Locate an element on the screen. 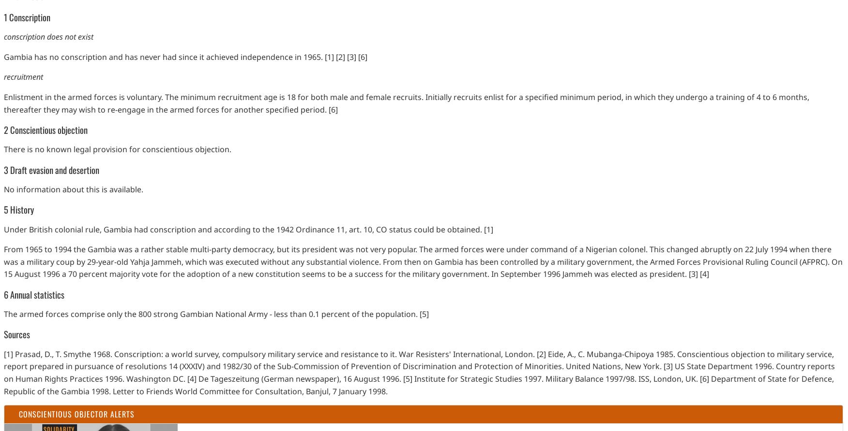 This screenshot has width=848, height=431. 'recruitment' is located at coordinates (23, 76).